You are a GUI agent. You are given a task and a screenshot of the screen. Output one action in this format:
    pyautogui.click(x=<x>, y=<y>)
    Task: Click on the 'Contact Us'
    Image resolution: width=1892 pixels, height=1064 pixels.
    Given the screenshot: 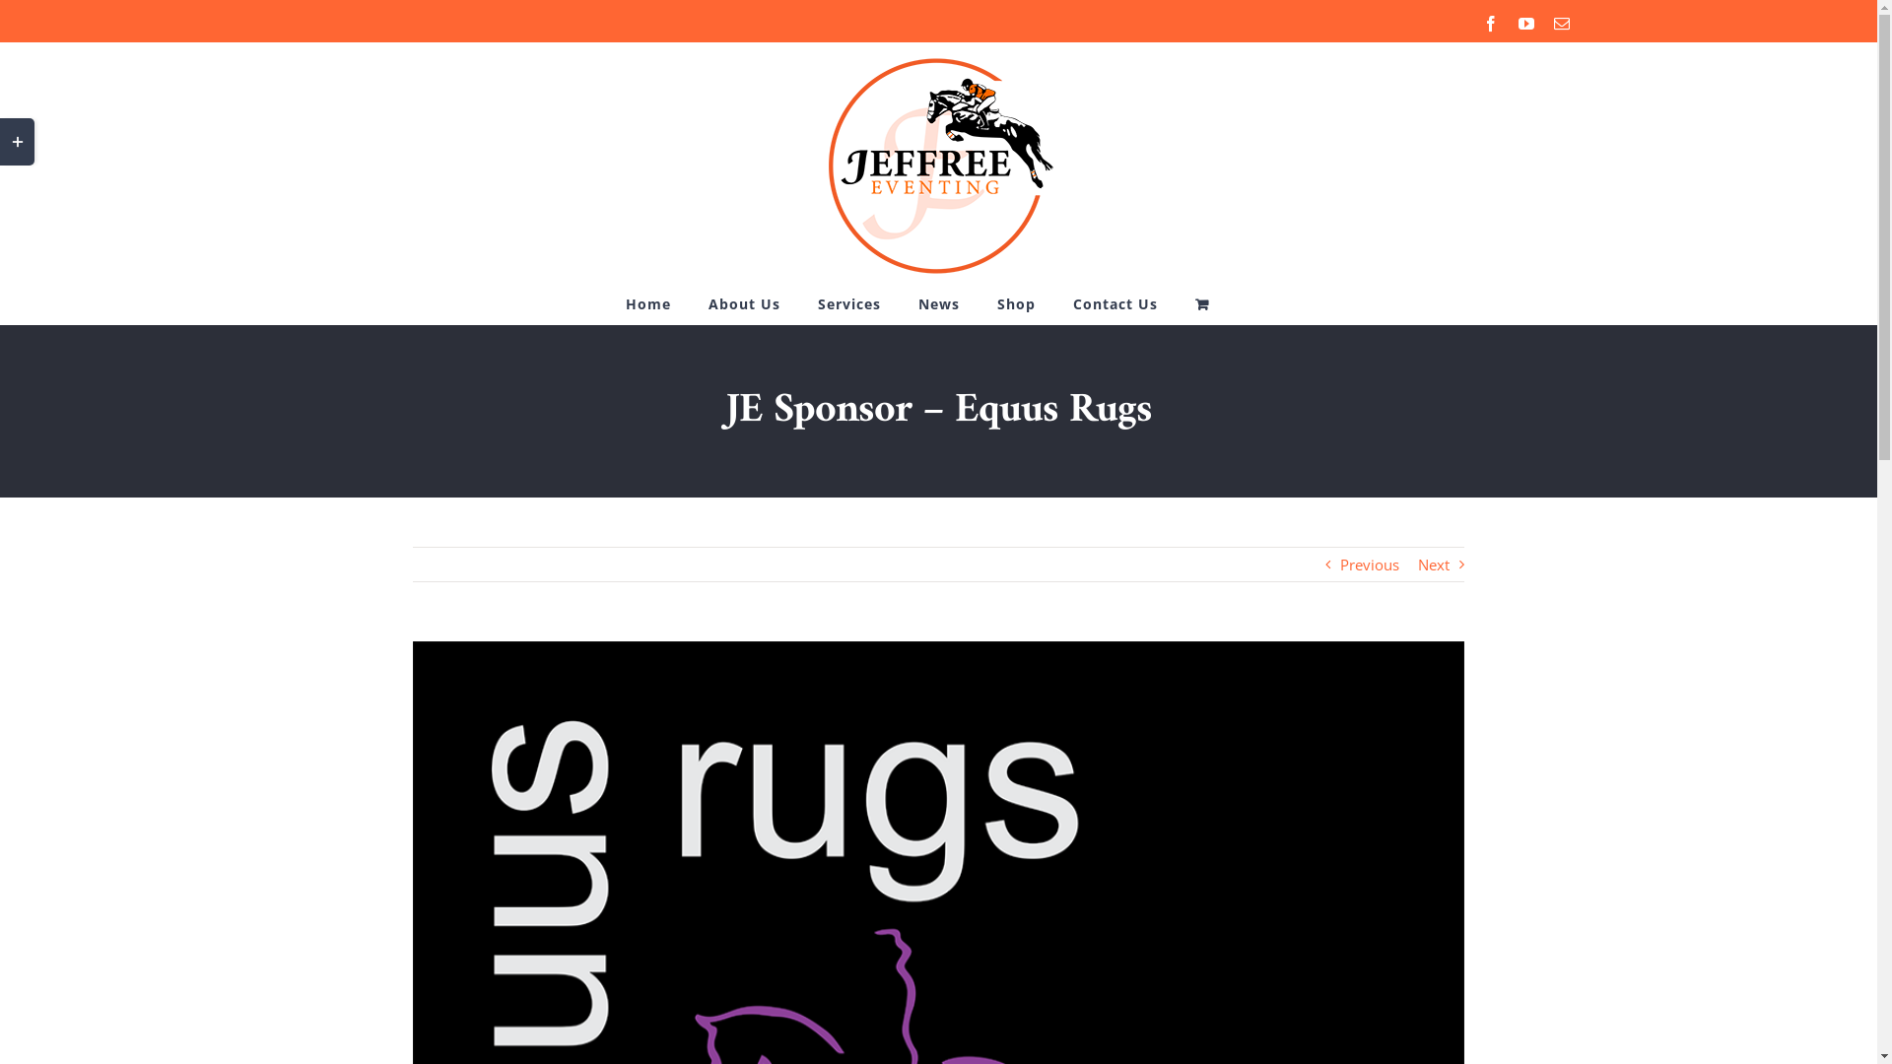 What is the action you would take?
    pyautogui.click(x=1115, y=303)
    